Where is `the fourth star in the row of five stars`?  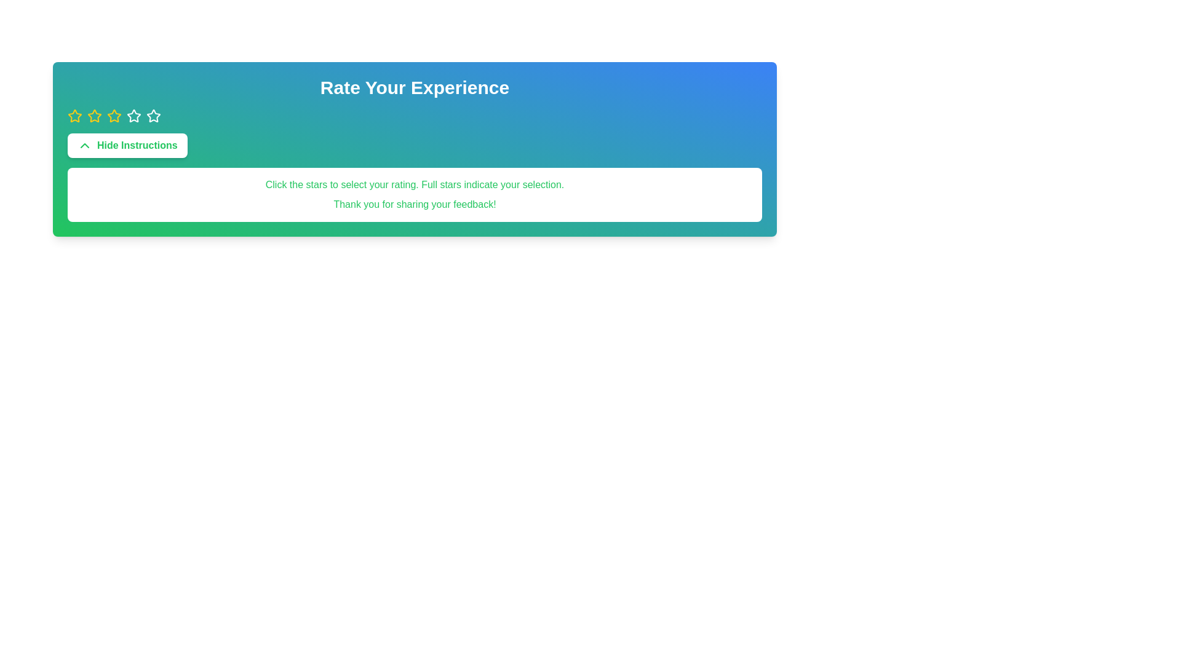 the fourth star in the row of five stars is located at coordinates (133, 116).